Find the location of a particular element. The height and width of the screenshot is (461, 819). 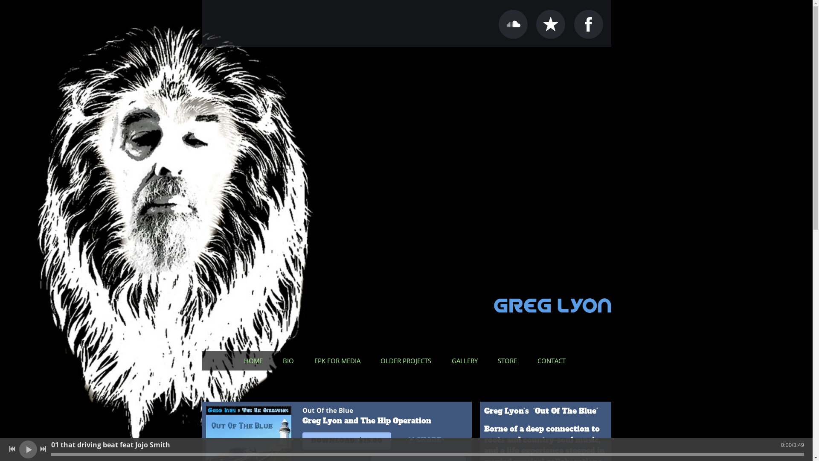

'http://soundcloud.com/greglyon' is located at coordinates (513, 24).